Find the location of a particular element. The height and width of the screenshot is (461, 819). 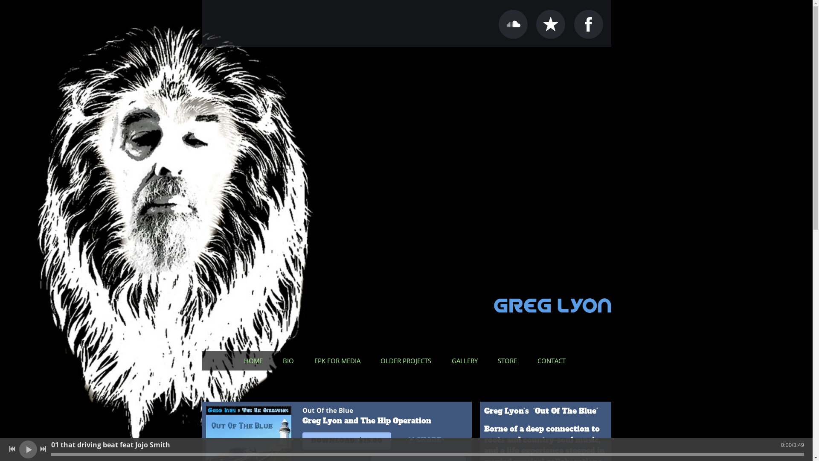

'http://soundcloud.com/greglyon' is located at coordinates (513, 24).